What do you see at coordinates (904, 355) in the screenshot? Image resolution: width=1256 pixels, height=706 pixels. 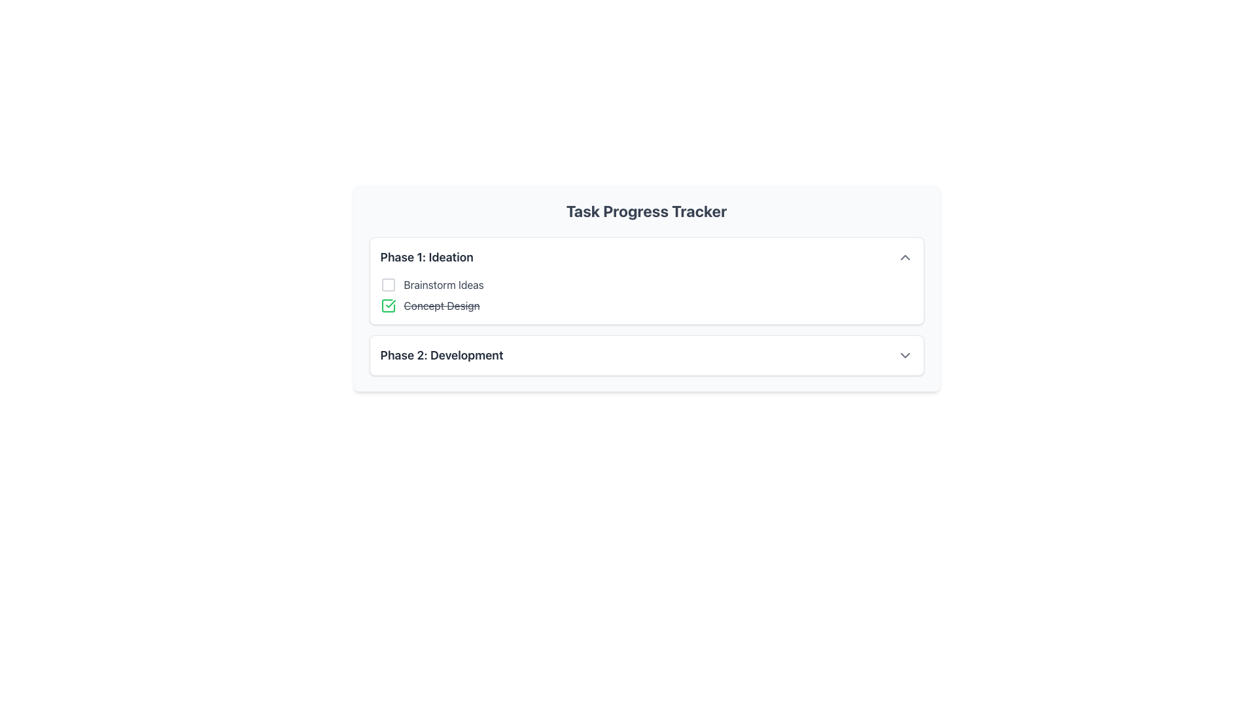 I see `the downward-pointing chevron icon button located to the right of the text 'Phase 2: Development'` at bounding box center [904, 355].